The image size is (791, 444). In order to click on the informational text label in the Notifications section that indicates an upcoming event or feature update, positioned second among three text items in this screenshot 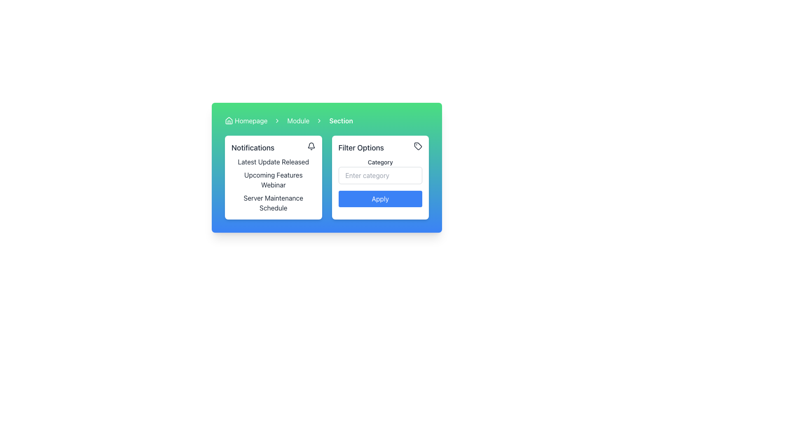, I will do `click(273, 180)`.